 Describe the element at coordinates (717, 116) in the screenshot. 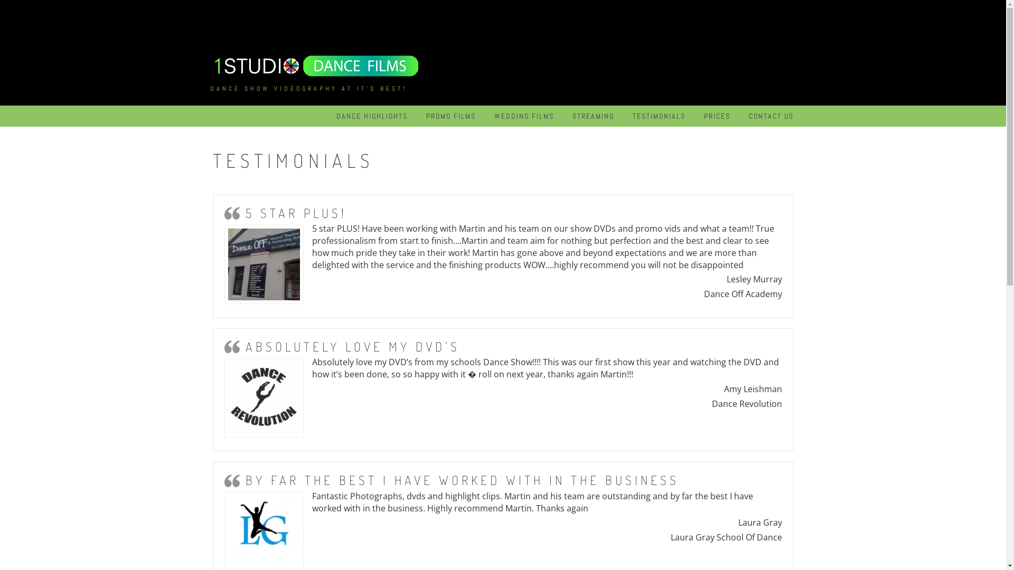

I see `'PRICES'` at that location.